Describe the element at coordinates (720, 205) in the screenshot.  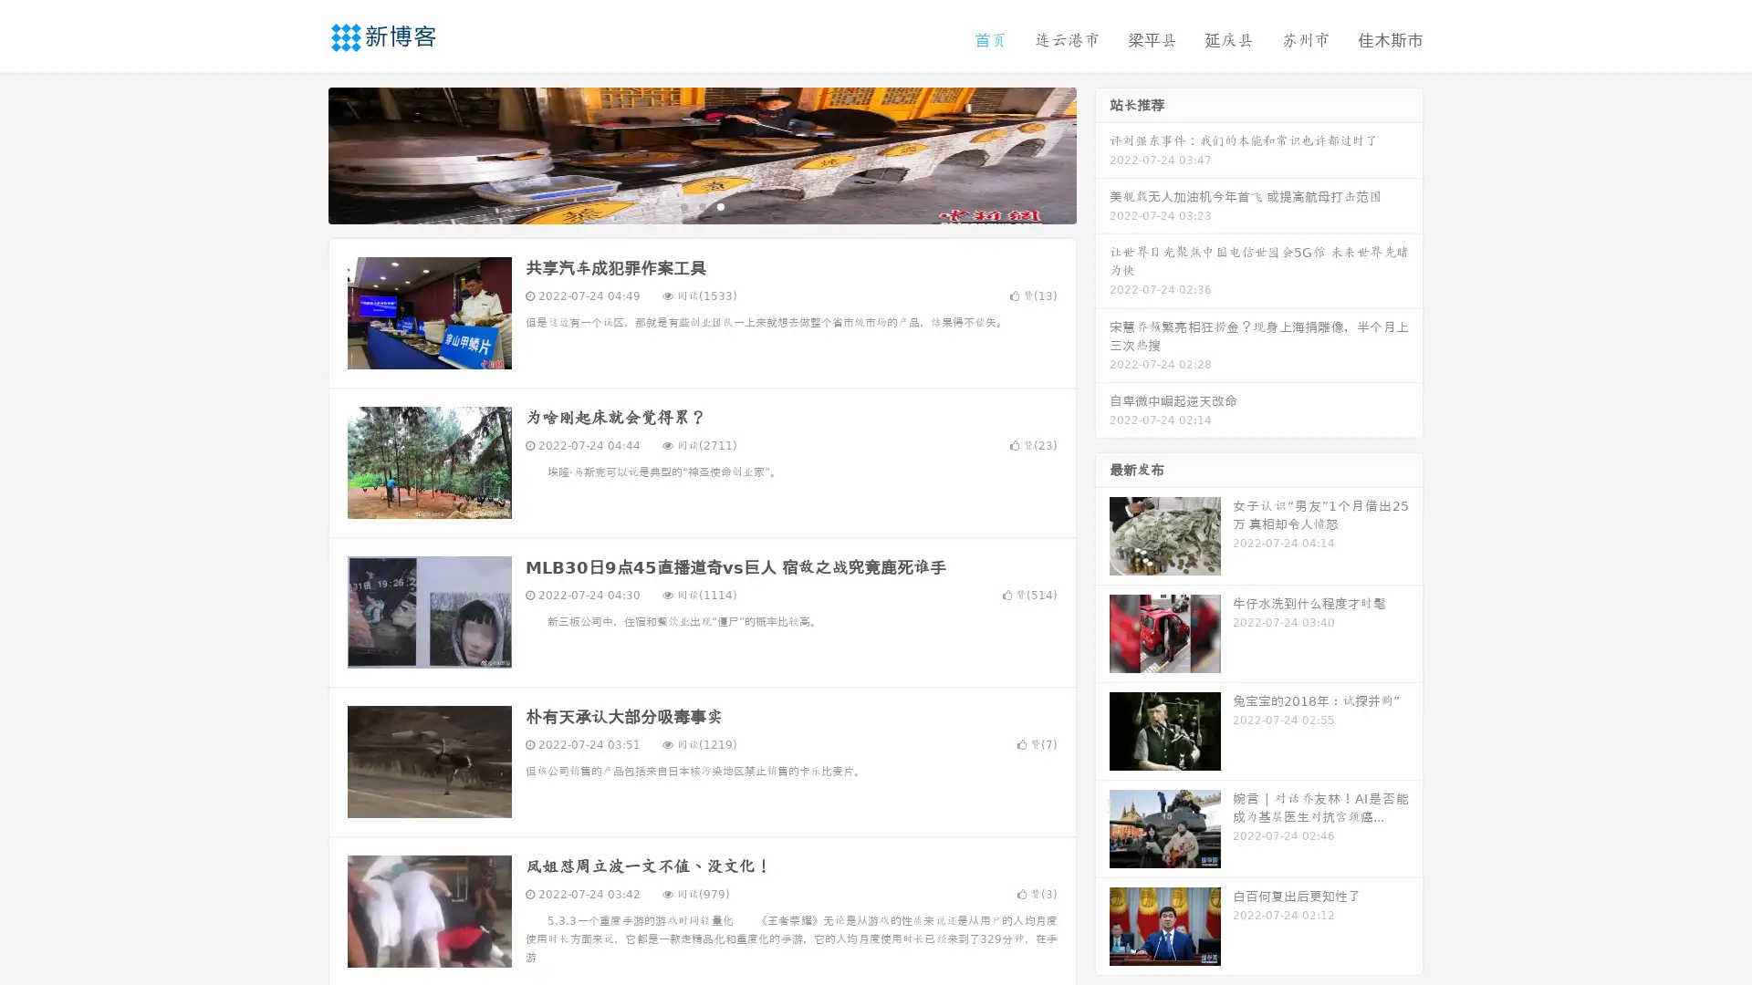
I see `Go to slide 3` at that location.